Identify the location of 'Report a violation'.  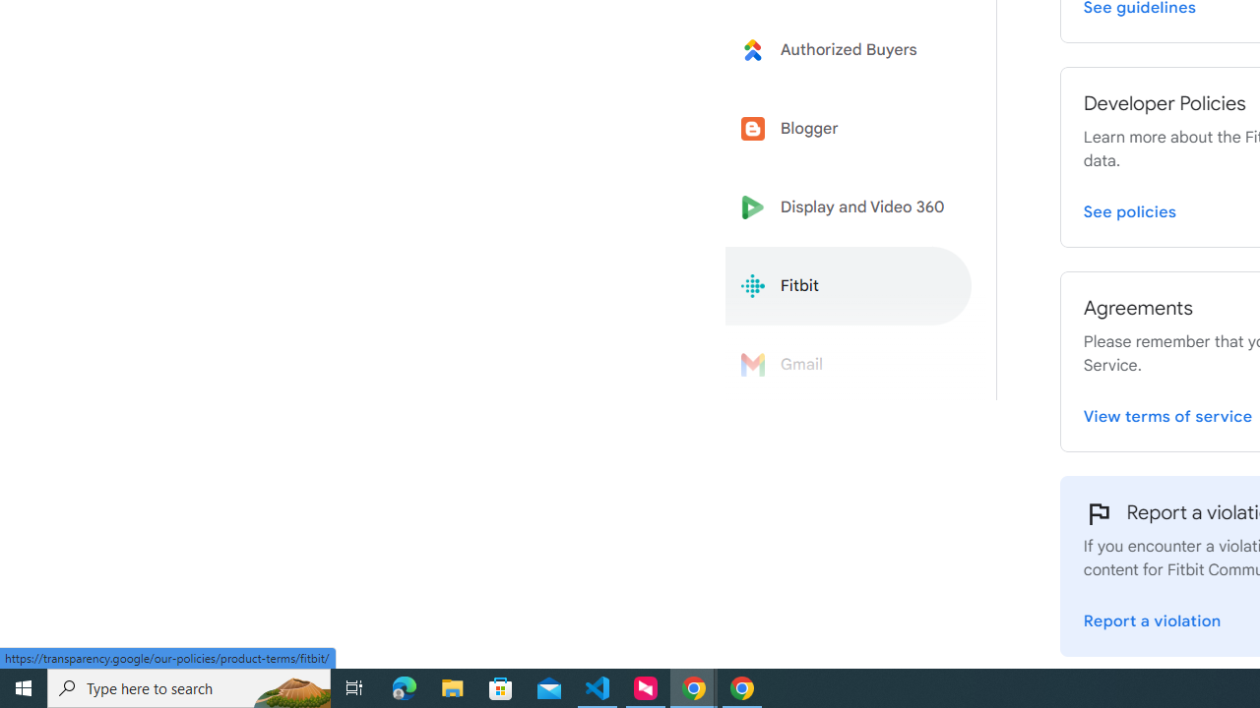
(1152, 617).